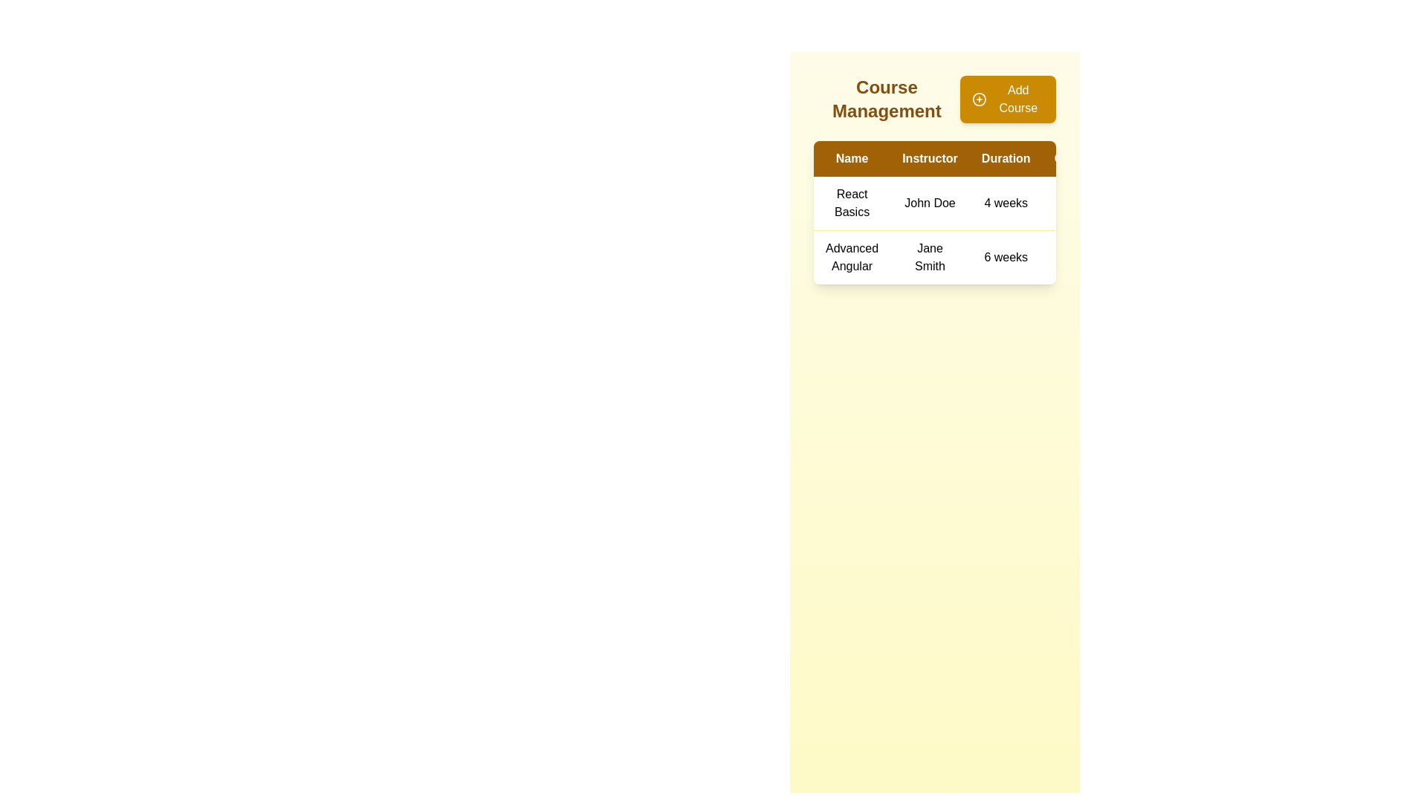 This screenshot has width=1427, height=802. I want to click on the 'Add Course' button by clicking on the circular outline of the plus icon, which is part of the button's design, so click(979, 100).